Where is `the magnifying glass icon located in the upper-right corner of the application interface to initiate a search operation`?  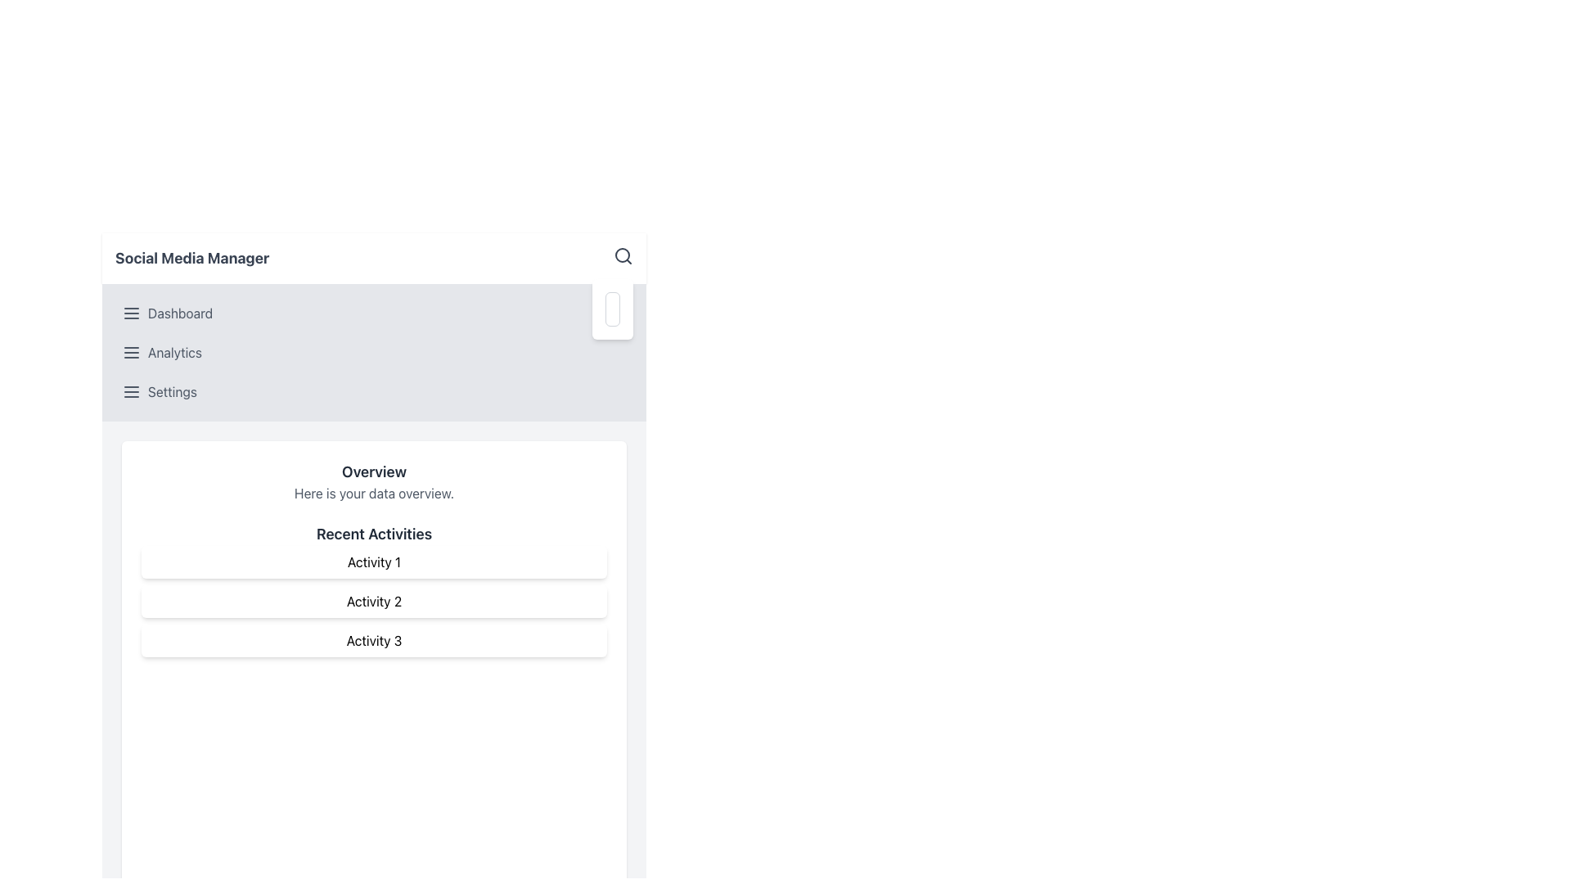 the magnifying glass icon located in the upper-right corner of the application interface to initiate a search operation is located at coordinates (623, 255).